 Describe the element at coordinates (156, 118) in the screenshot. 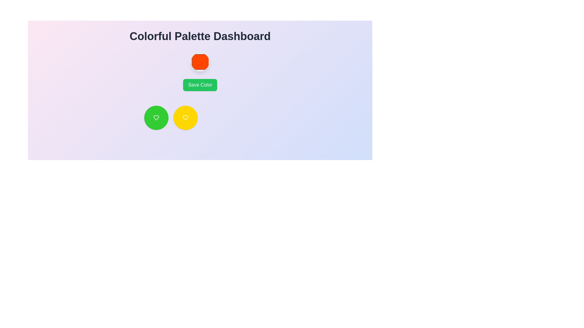

I see `the circular button with a bright green background and a white heart icon` at that location.